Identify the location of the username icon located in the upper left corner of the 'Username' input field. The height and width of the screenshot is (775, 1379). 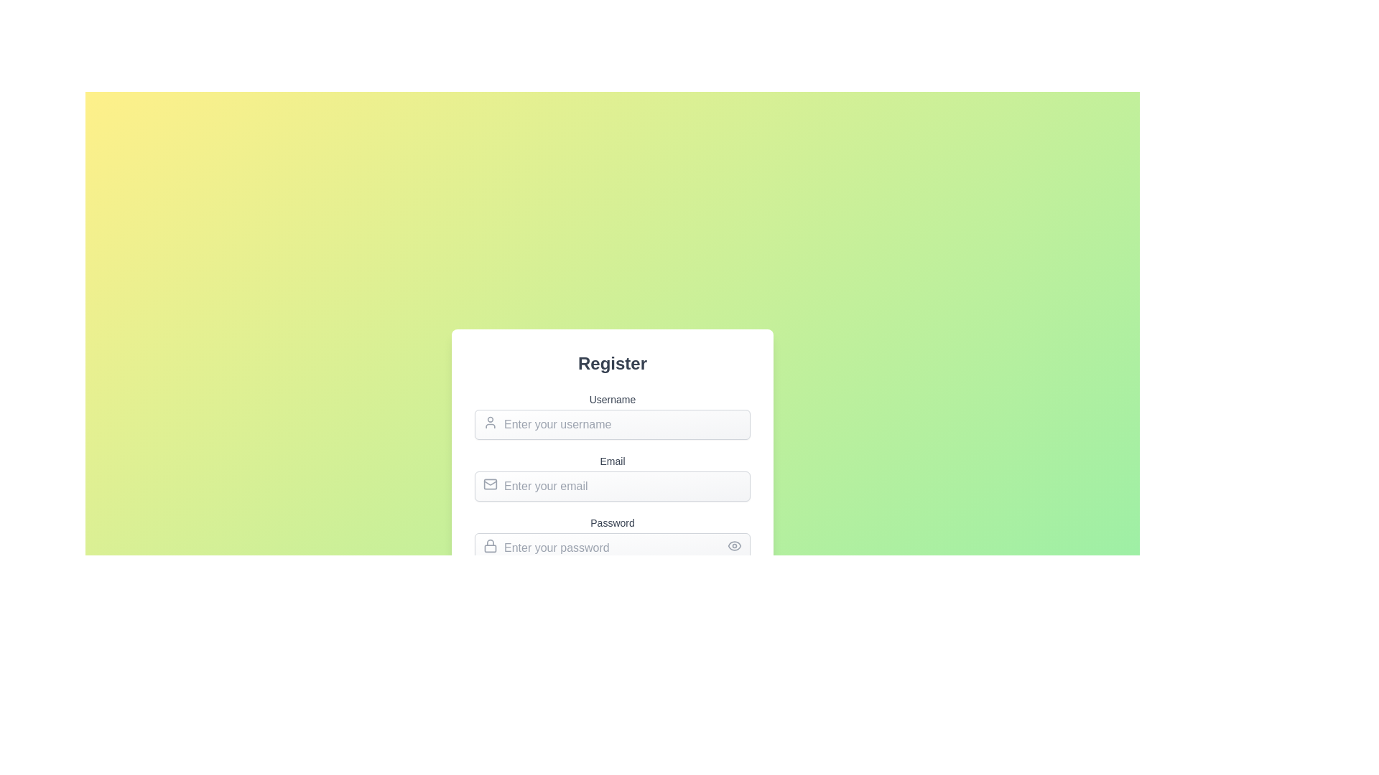
(490, 422).